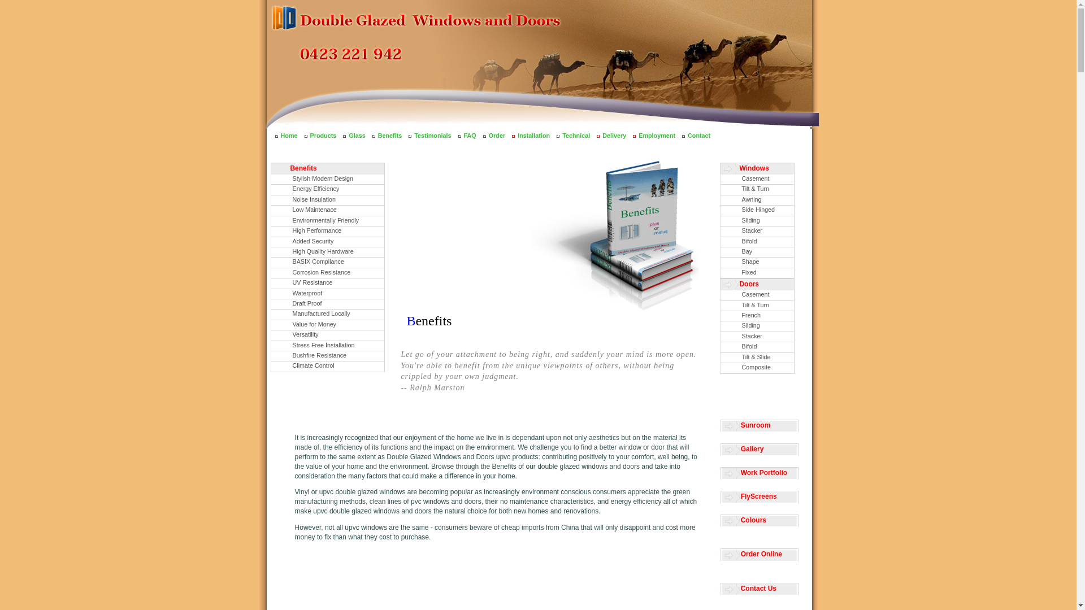  Describe the element at coordinates (327, 293) in the screenshot. I see `'Waterproof'` at that location.